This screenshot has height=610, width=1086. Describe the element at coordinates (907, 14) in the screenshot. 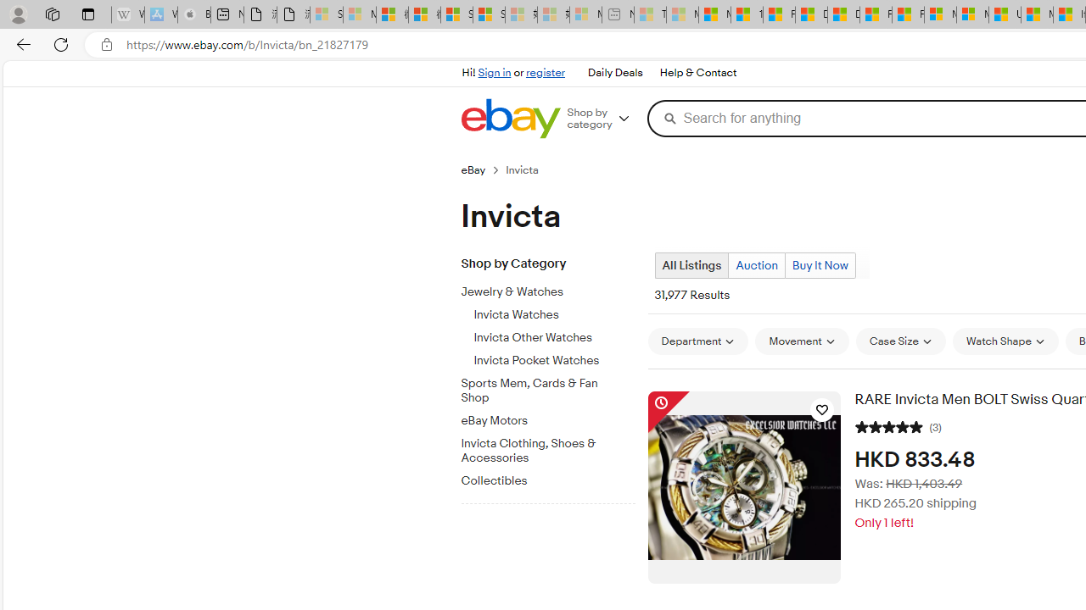

I see `'Foo BAR | Trusted Community Engagement and Contributions'` at that location.